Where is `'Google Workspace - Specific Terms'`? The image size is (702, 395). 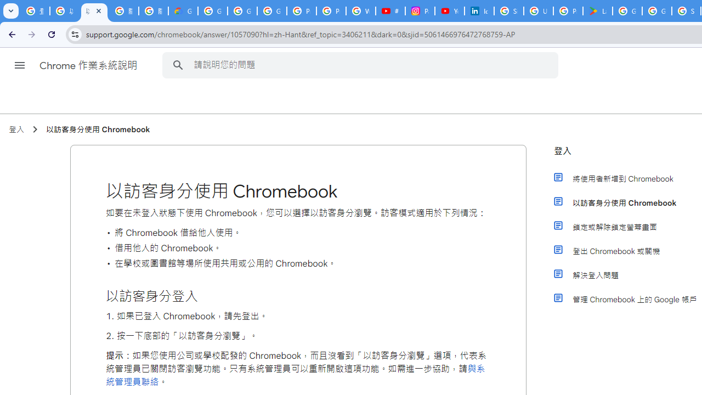
'Google Workspace - Specific Terms' is located at coordinates (657, 11).